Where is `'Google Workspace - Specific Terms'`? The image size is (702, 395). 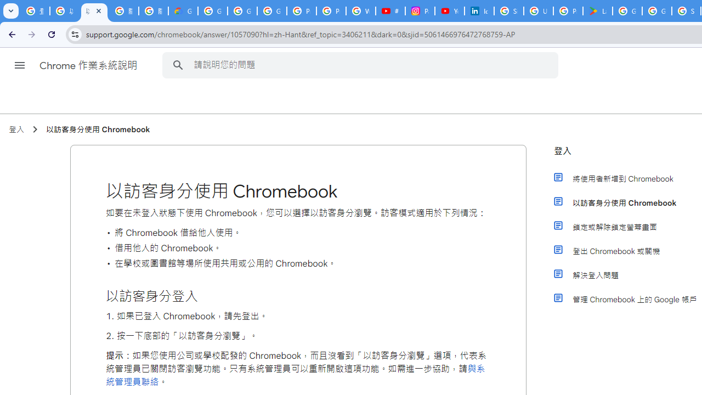
'Google Workspace - Specific Terms' is located at coordinates (657, 11).